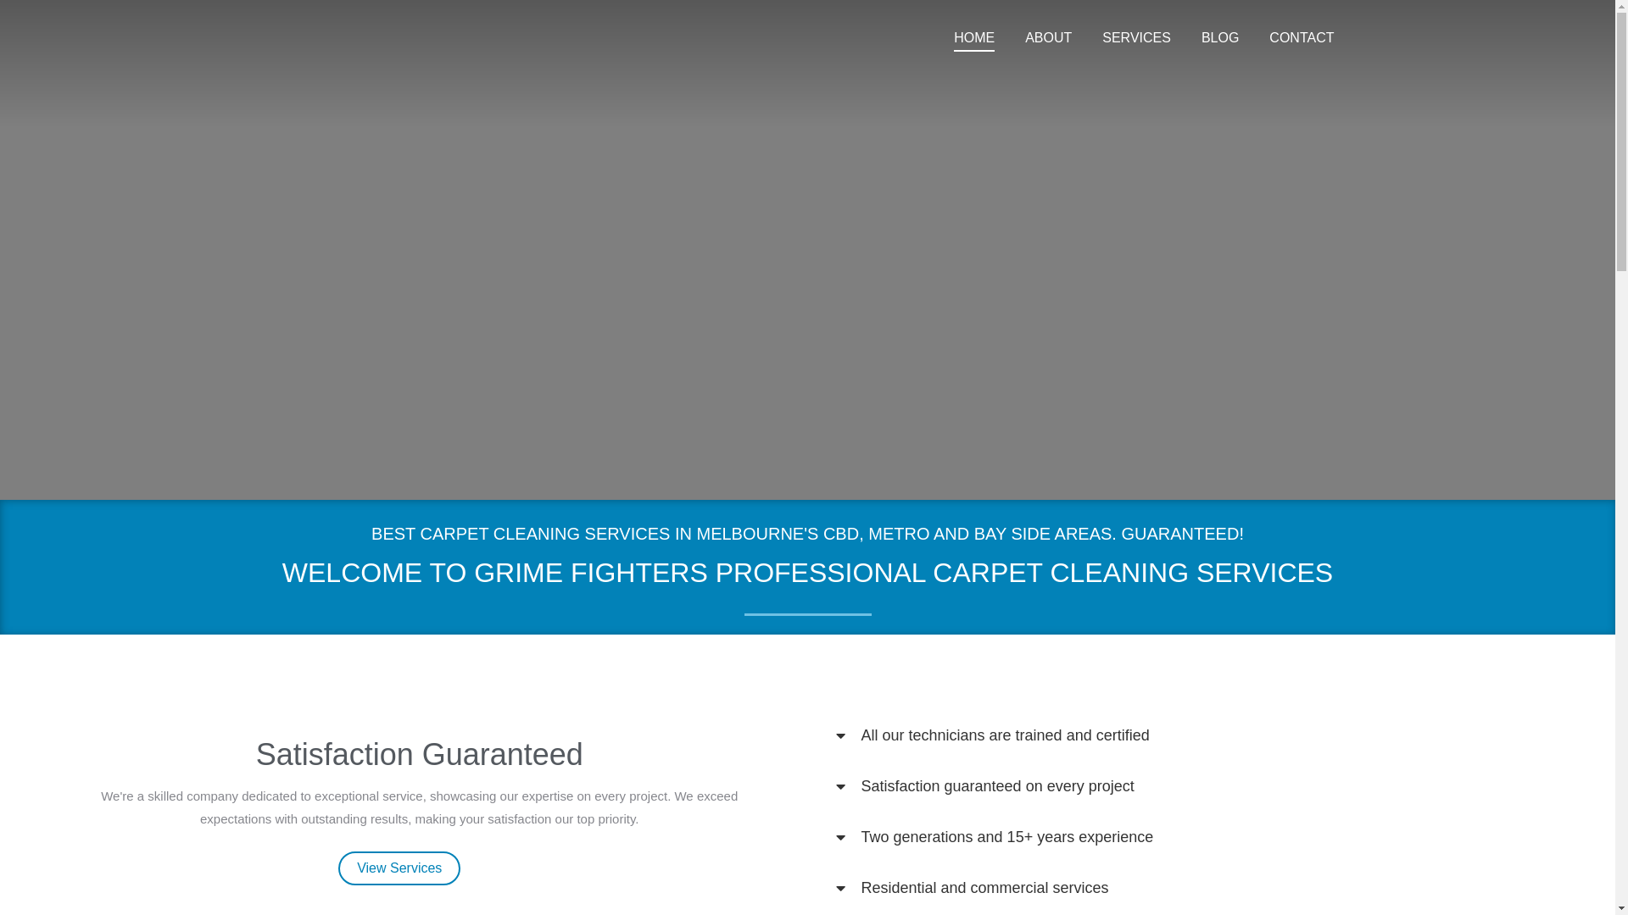 Image resolution: width=1628 pixels, height=915 pixels. I want to click on 'Two generations and 15+ years experience', so click(1007, 835).